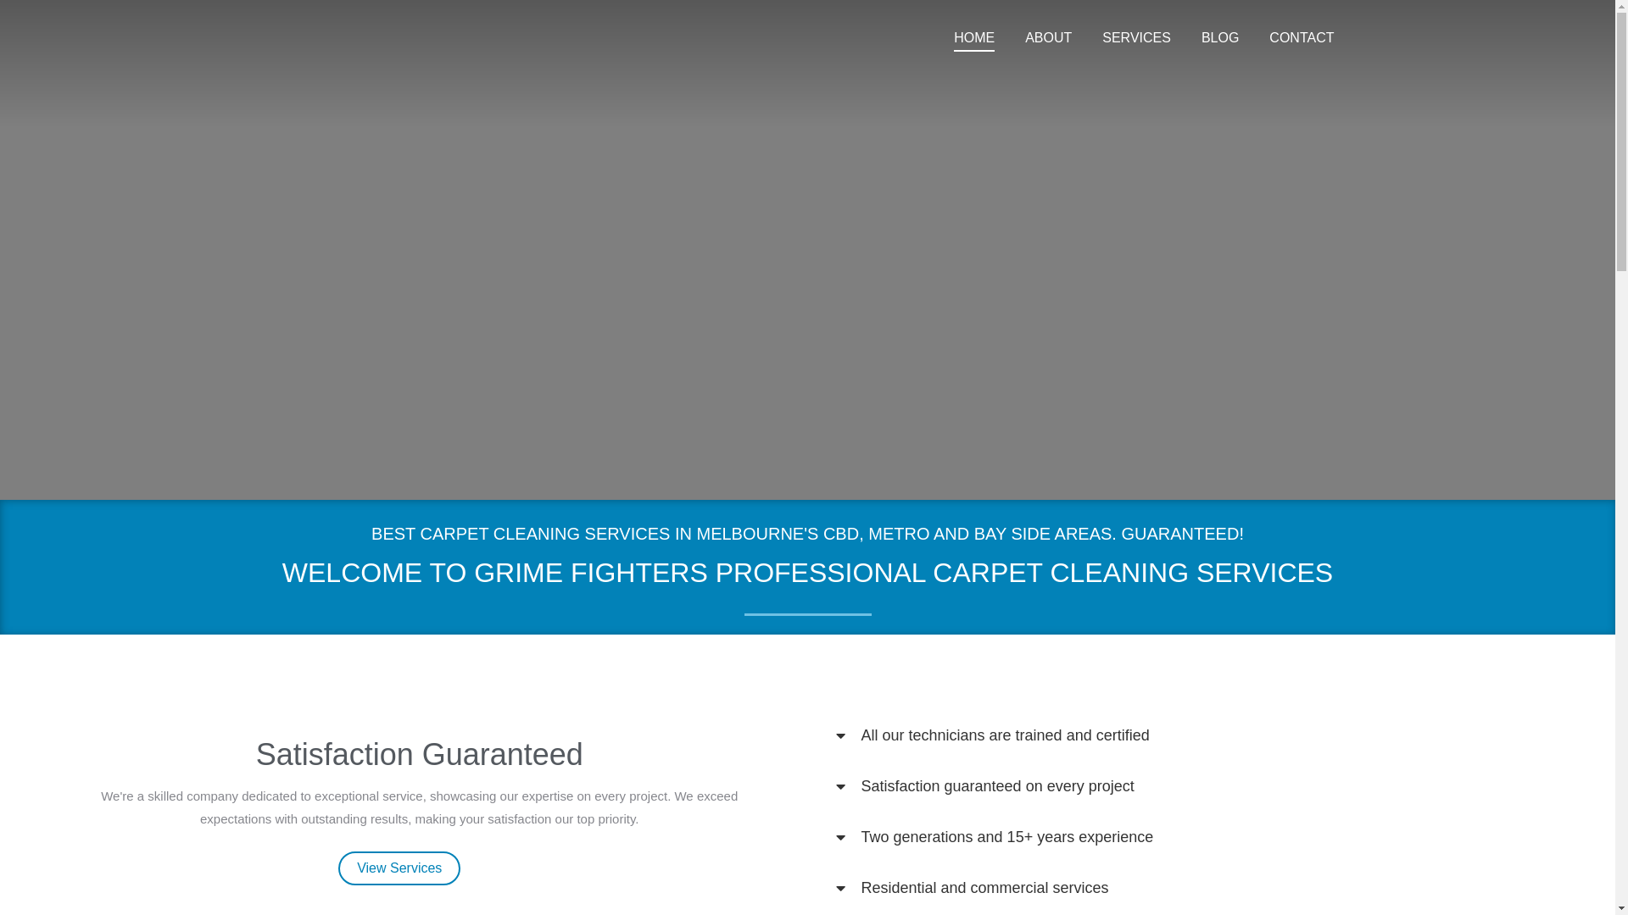 Image resolution: width=1628 pixels, height=915 pixels. I want to click on 'Two generations and 15+ years experience', so click(1007, 835).